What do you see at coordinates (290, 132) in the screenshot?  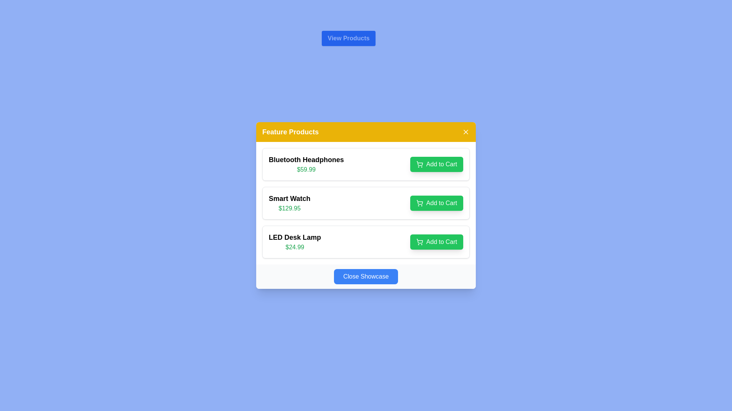 I see `the bold, white 'Feature Products' label on the orange background at the top of the product showcase card` at bounding box center [290, 132].